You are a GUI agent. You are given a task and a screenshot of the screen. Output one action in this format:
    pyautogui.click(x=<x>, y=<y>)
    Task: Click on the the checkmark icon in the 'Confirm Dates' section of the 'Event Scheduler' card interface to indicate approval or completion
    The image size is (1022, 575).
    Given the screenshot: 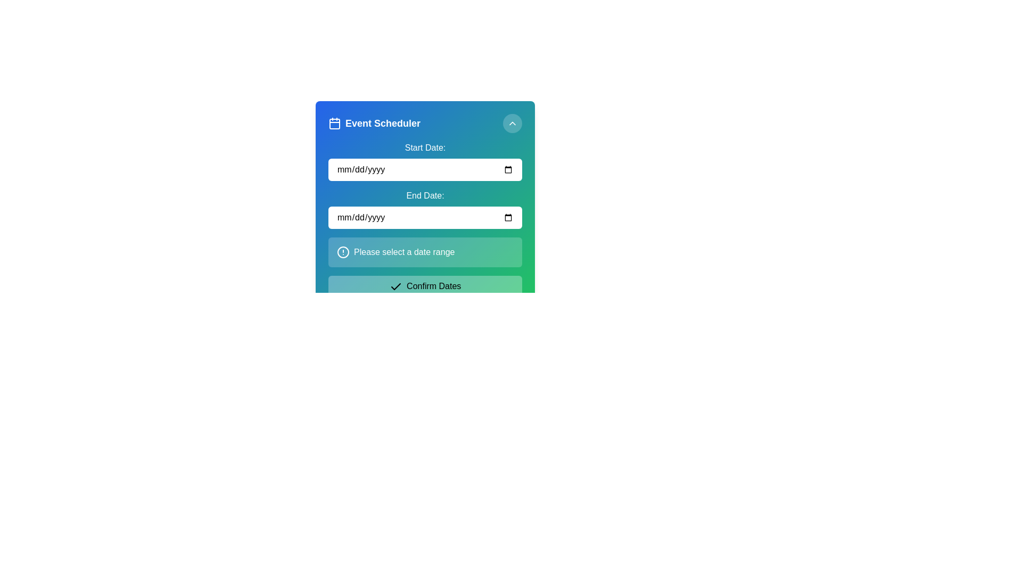 What is the action you would take?
    pyautogui.click(x=395, y=286)
    